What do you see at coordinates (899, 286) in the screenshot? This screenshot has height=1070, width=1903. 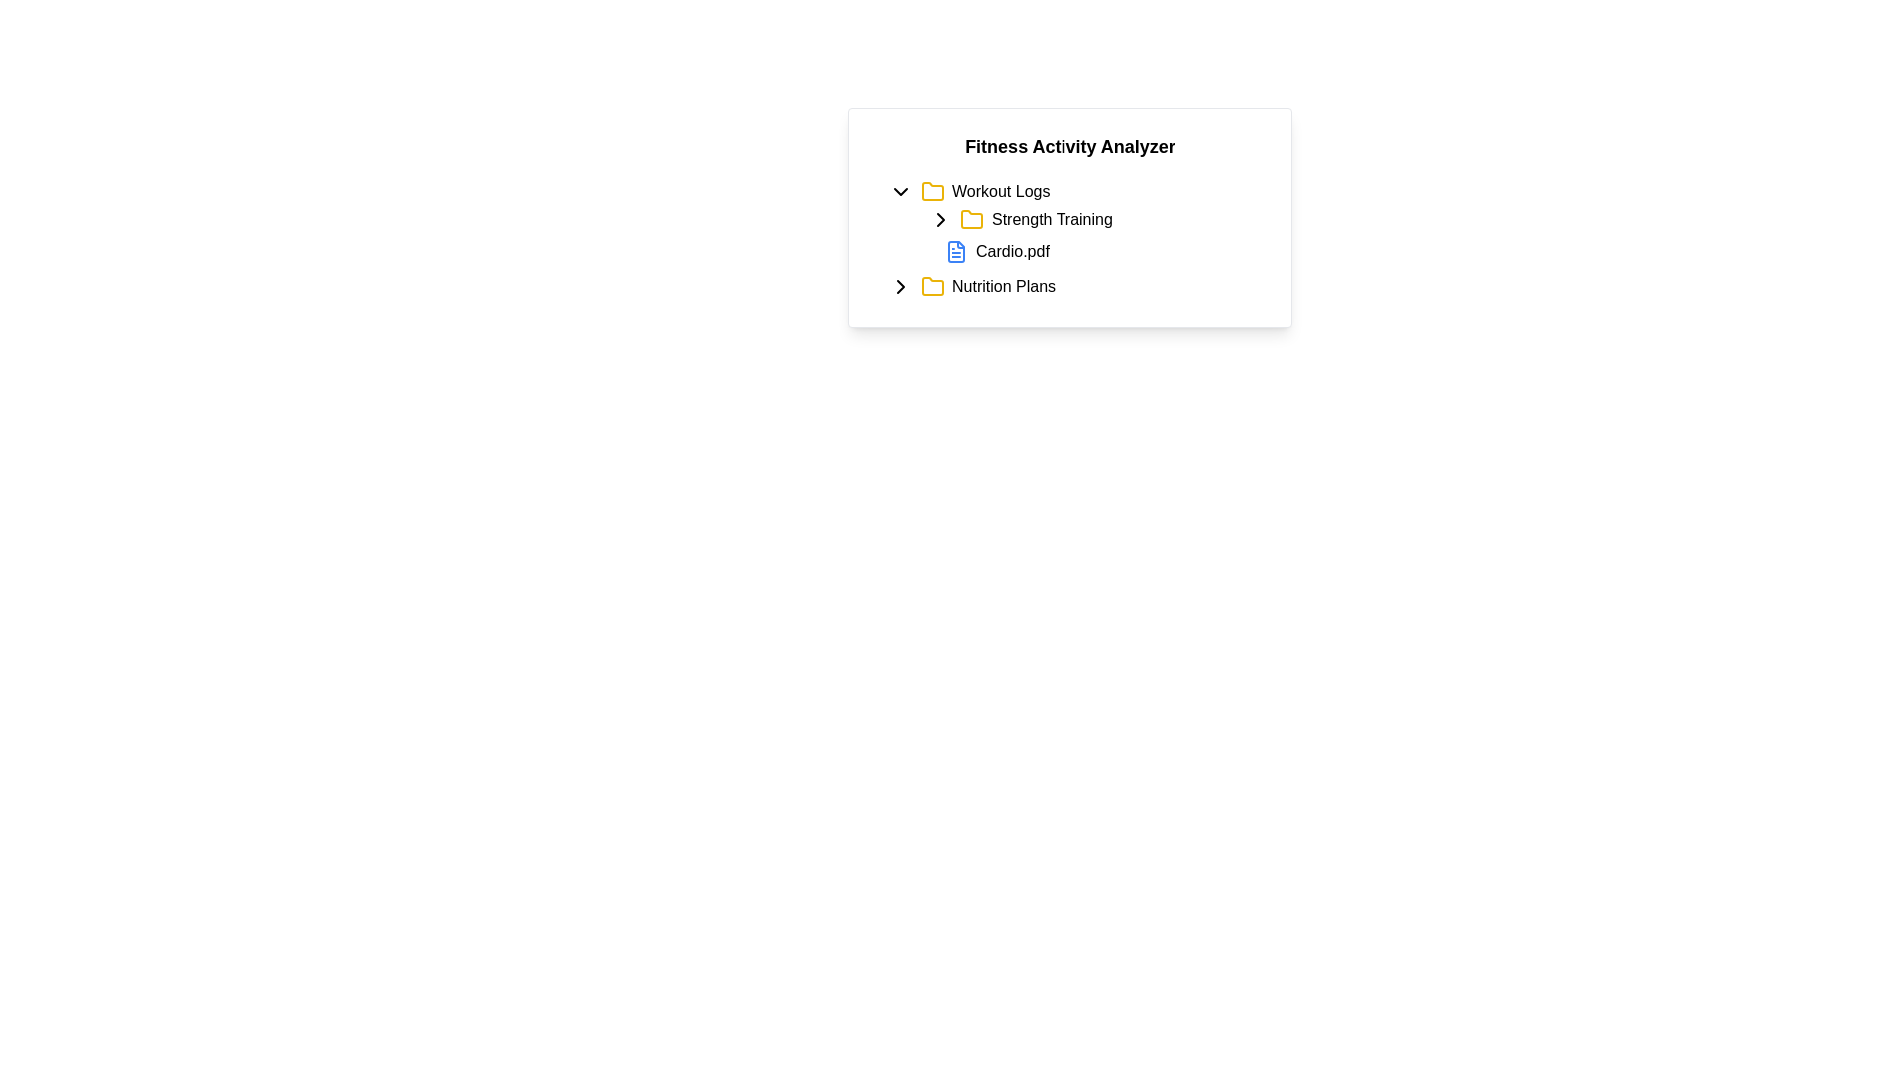 I see `the right-facing chevron icon button located to the left of the text 'Nutrition Plans'` at bounding box center [899, 286].